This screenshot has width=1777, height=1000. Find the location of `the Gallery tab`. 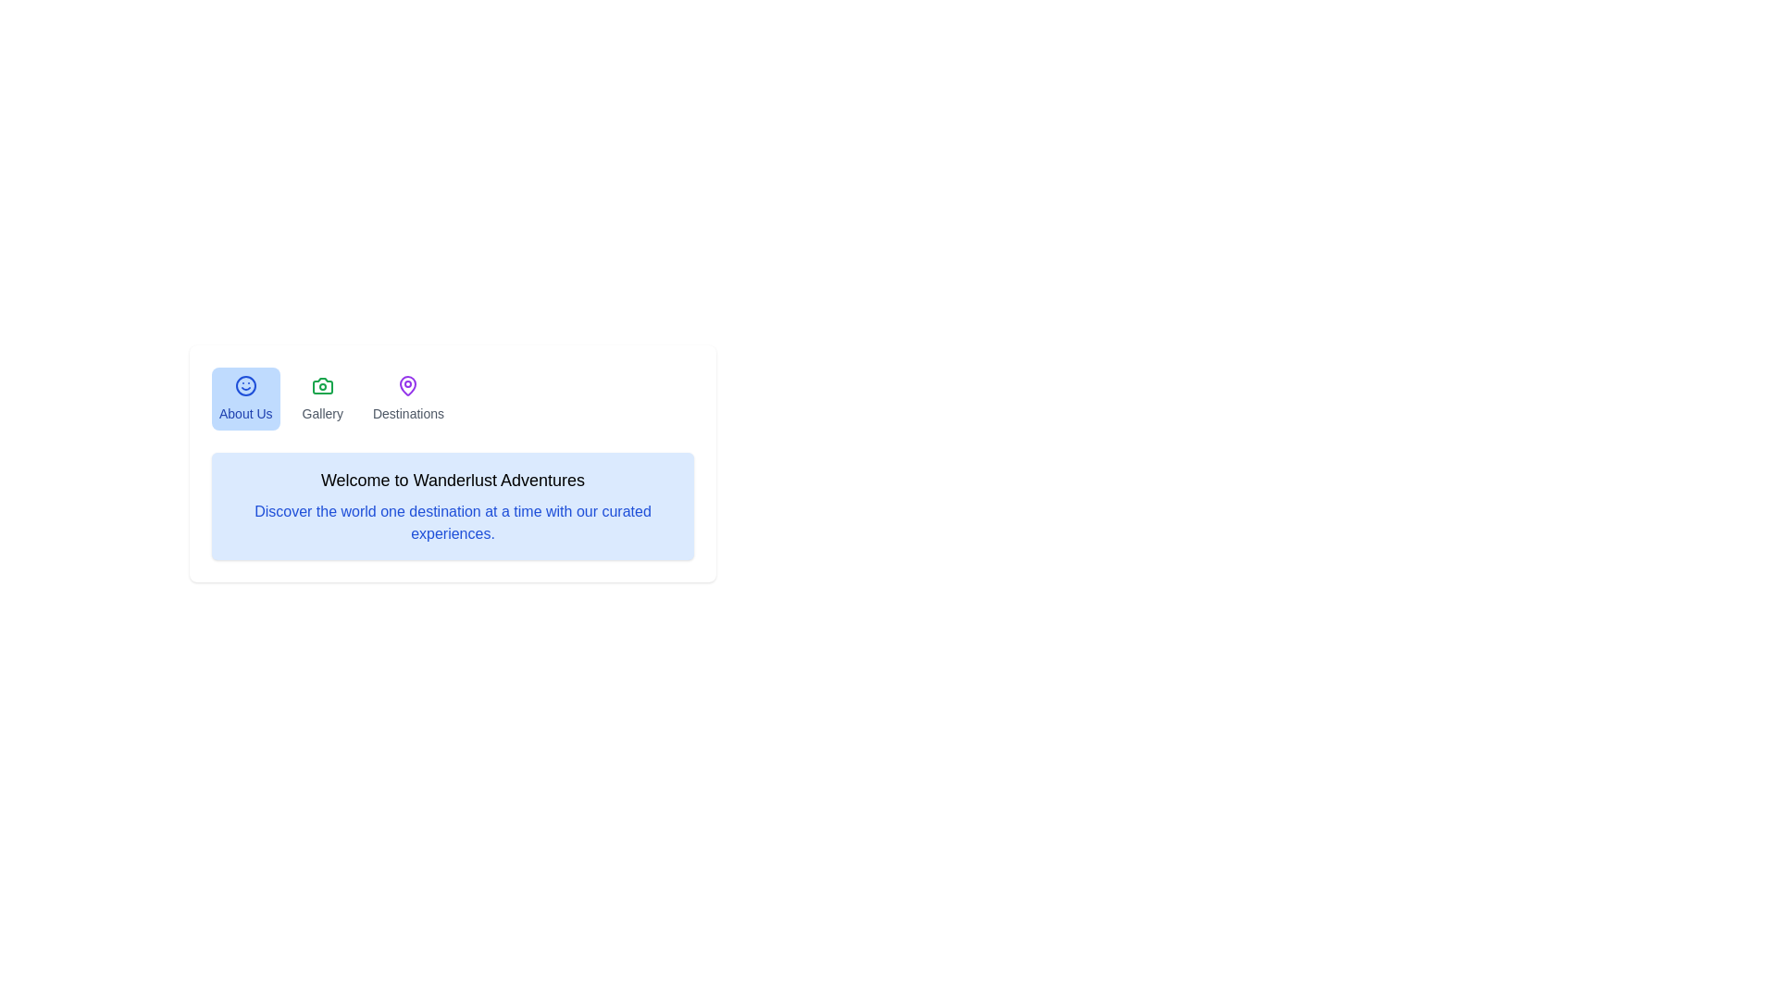

the Gallery tab is located at coordinates (321, 398).